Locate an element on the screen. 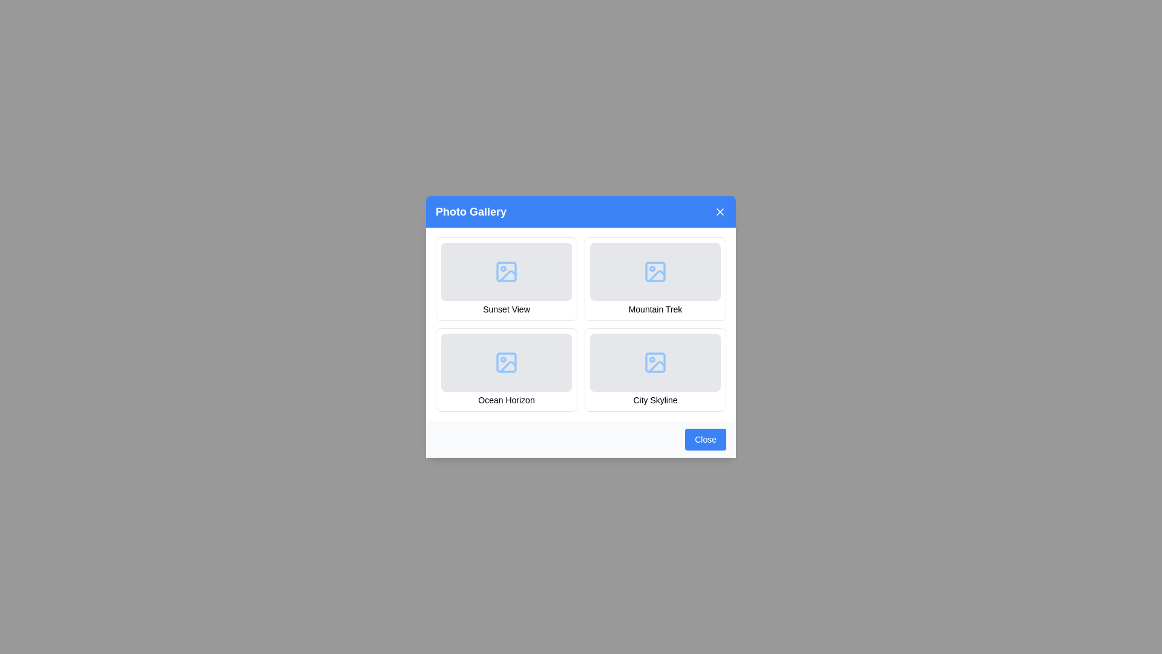 The width and height of the screenshot is (1162, 654). the fourth selectable card in the photo gallery modal titled 'Photo Gallery' is located at coordinates (655, 369).